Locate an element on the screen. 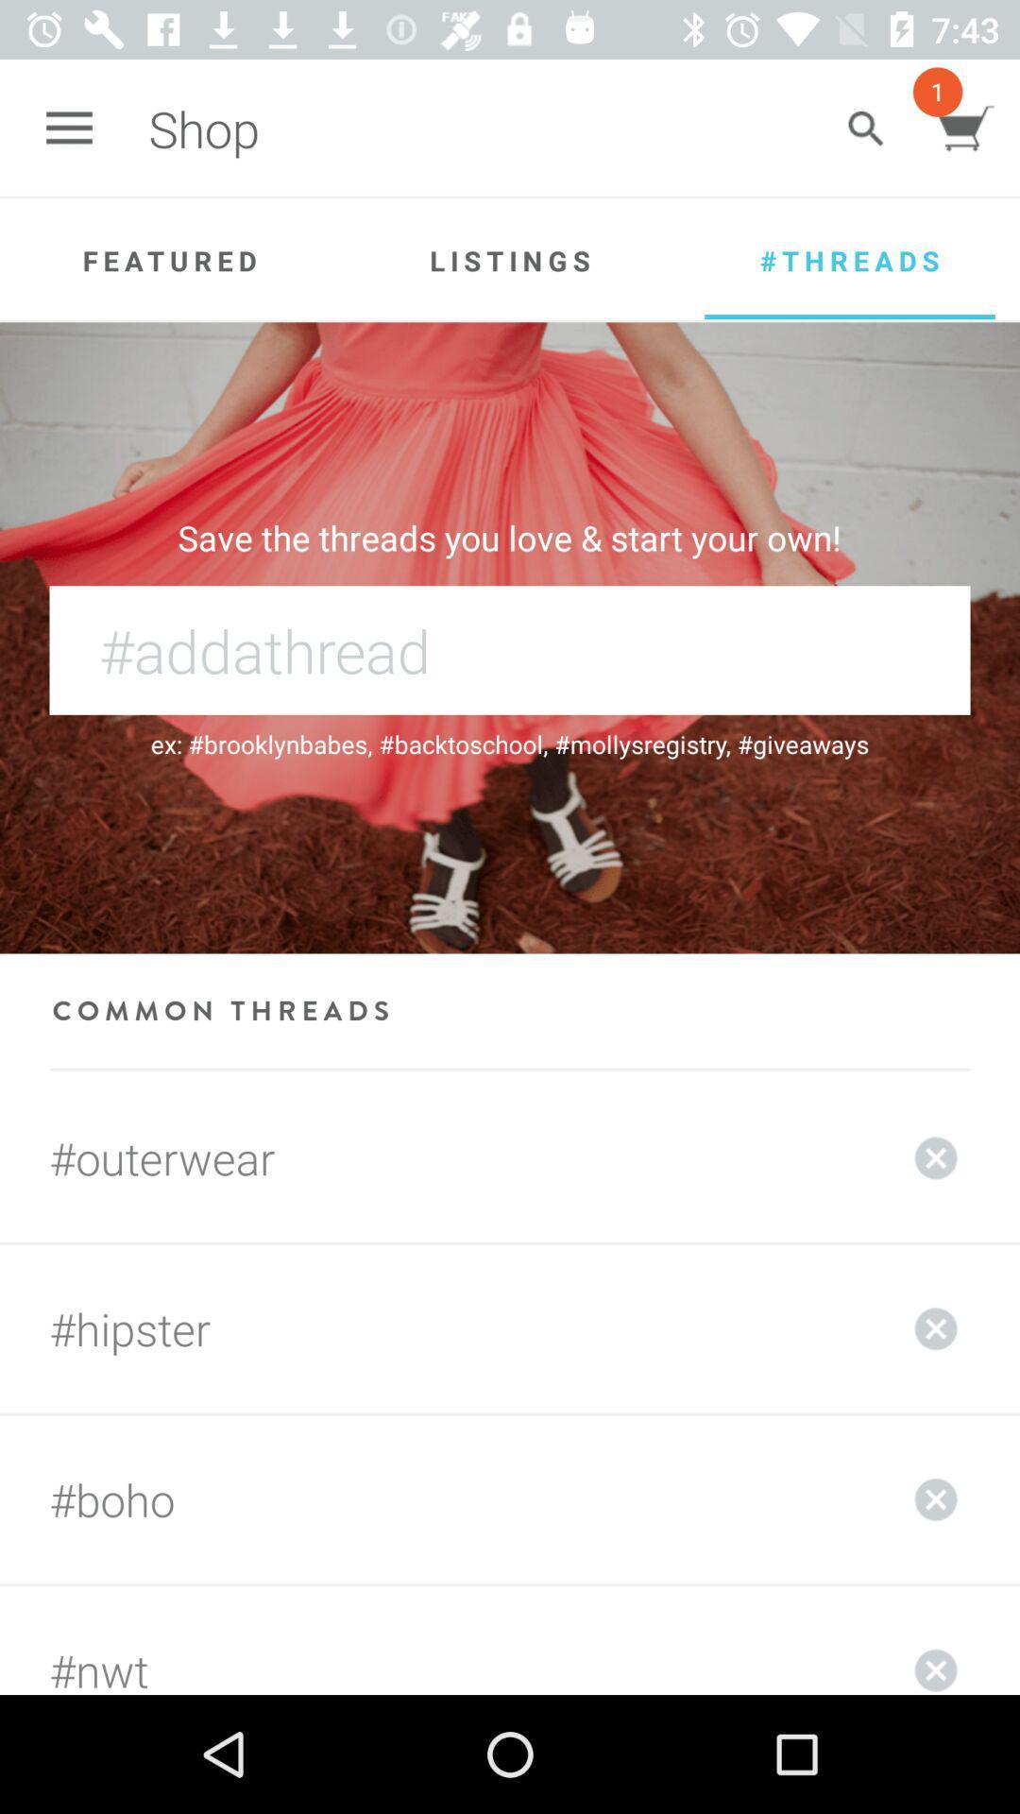 This screenshot has height=1814, width=1020. option is located at coordinates (936, 1327).